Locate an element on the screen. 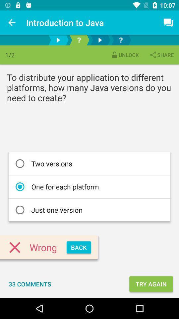 This screenshot has height=319, width=179. item at the bottom right corner is located at coordinates (151, 283).